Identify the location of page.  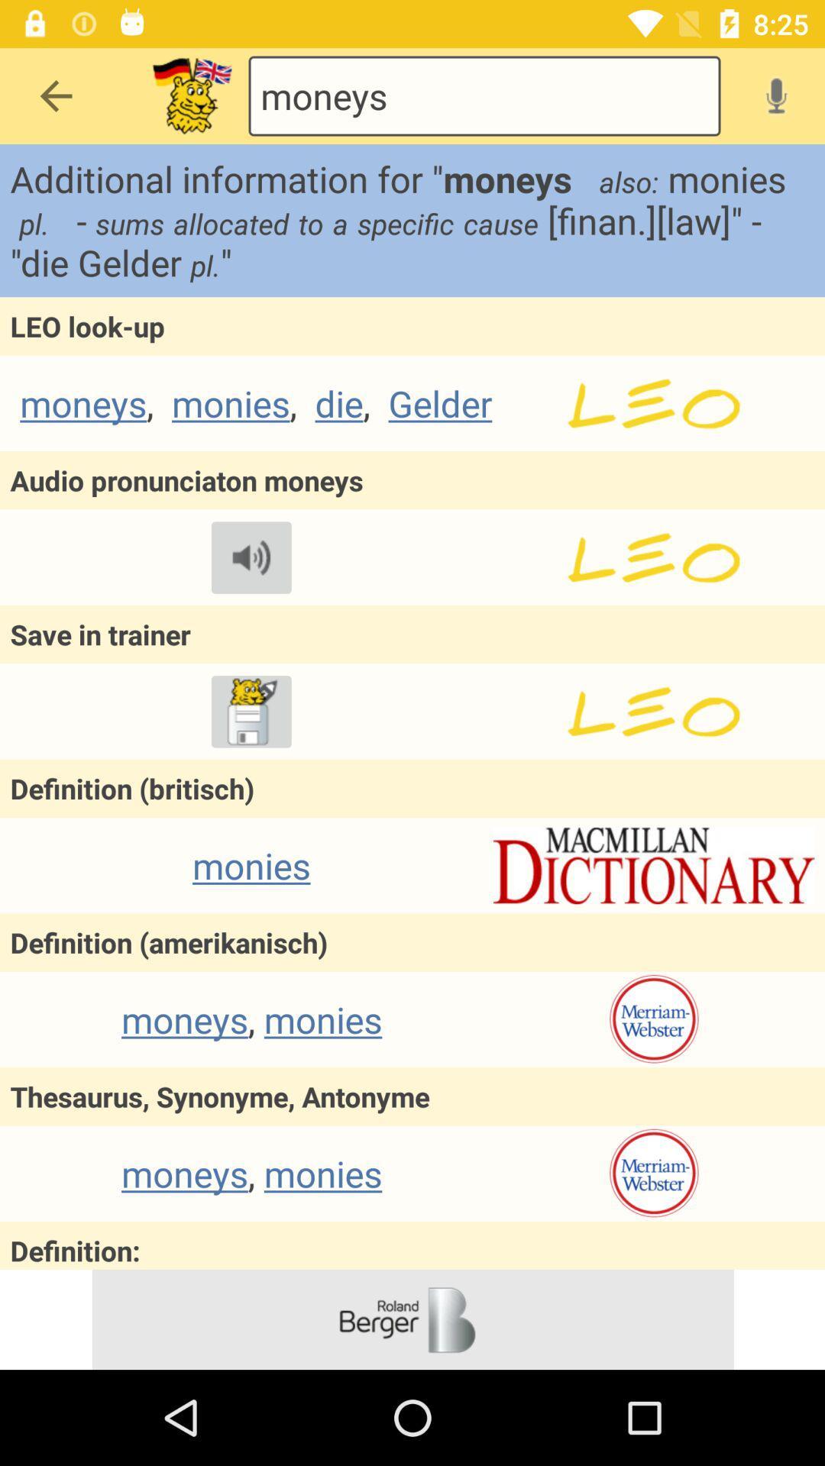
(653, 557).